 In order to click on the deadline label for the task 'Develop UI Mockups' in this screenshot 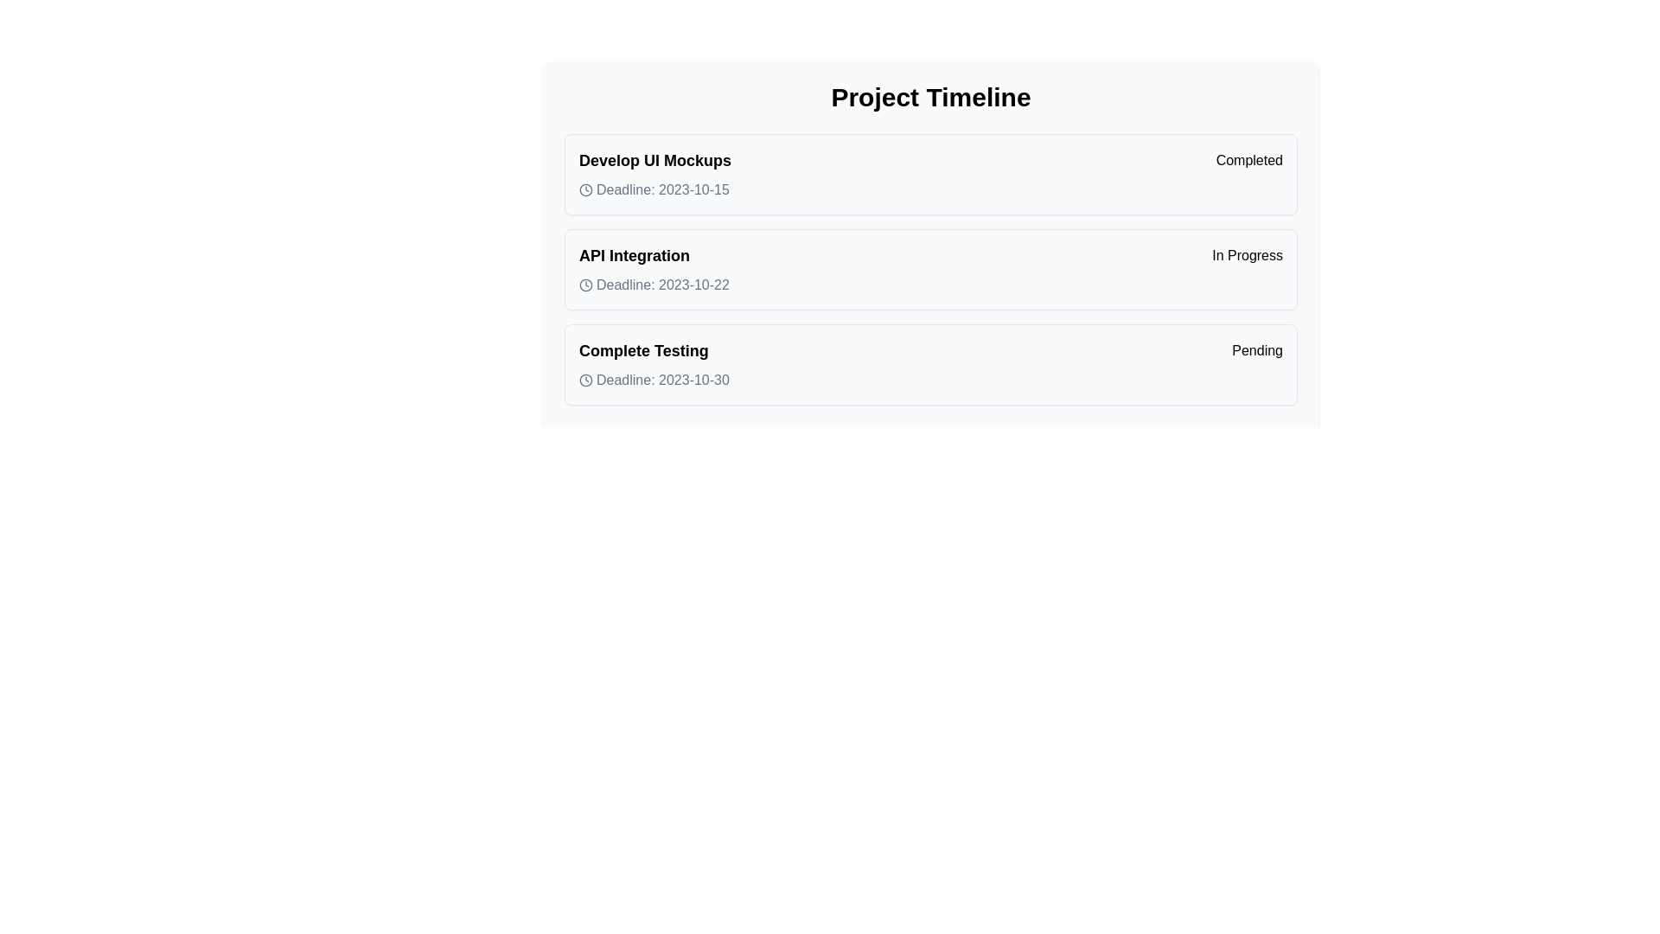, I will do `click(653, 189)`.